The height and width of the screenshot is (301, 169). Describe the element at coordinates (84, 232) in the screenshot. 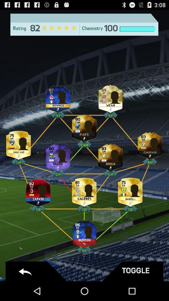

I see `click the image` at that location.